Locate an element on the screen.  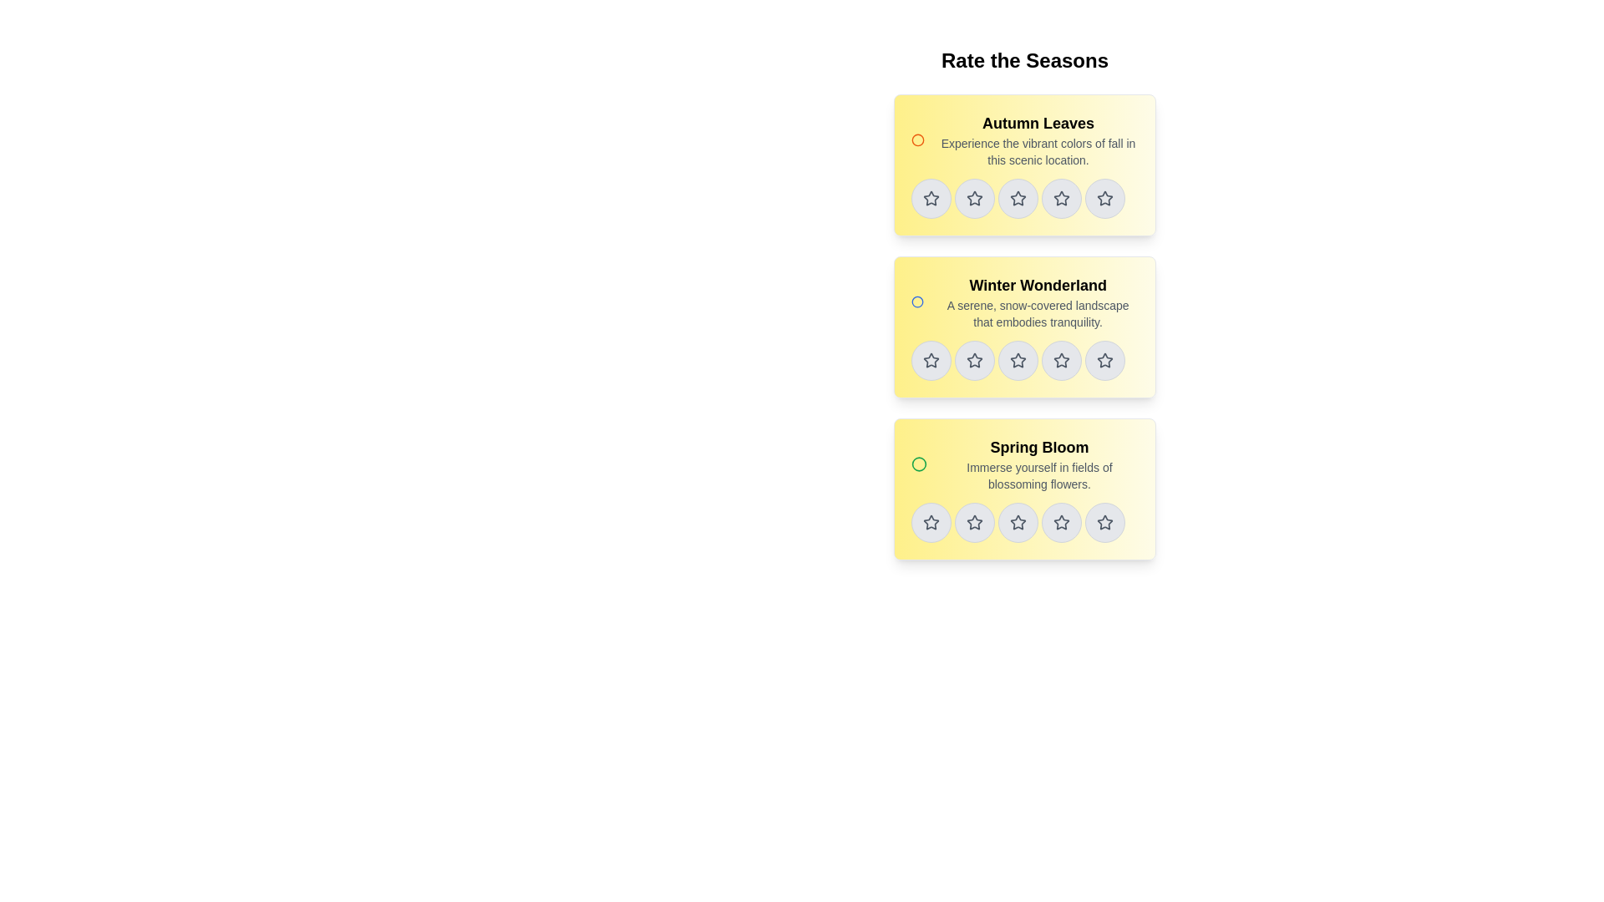
the first rating button in the 'Autumn Leaves' section for keyboard interaction is located at coordinates (930, 198).